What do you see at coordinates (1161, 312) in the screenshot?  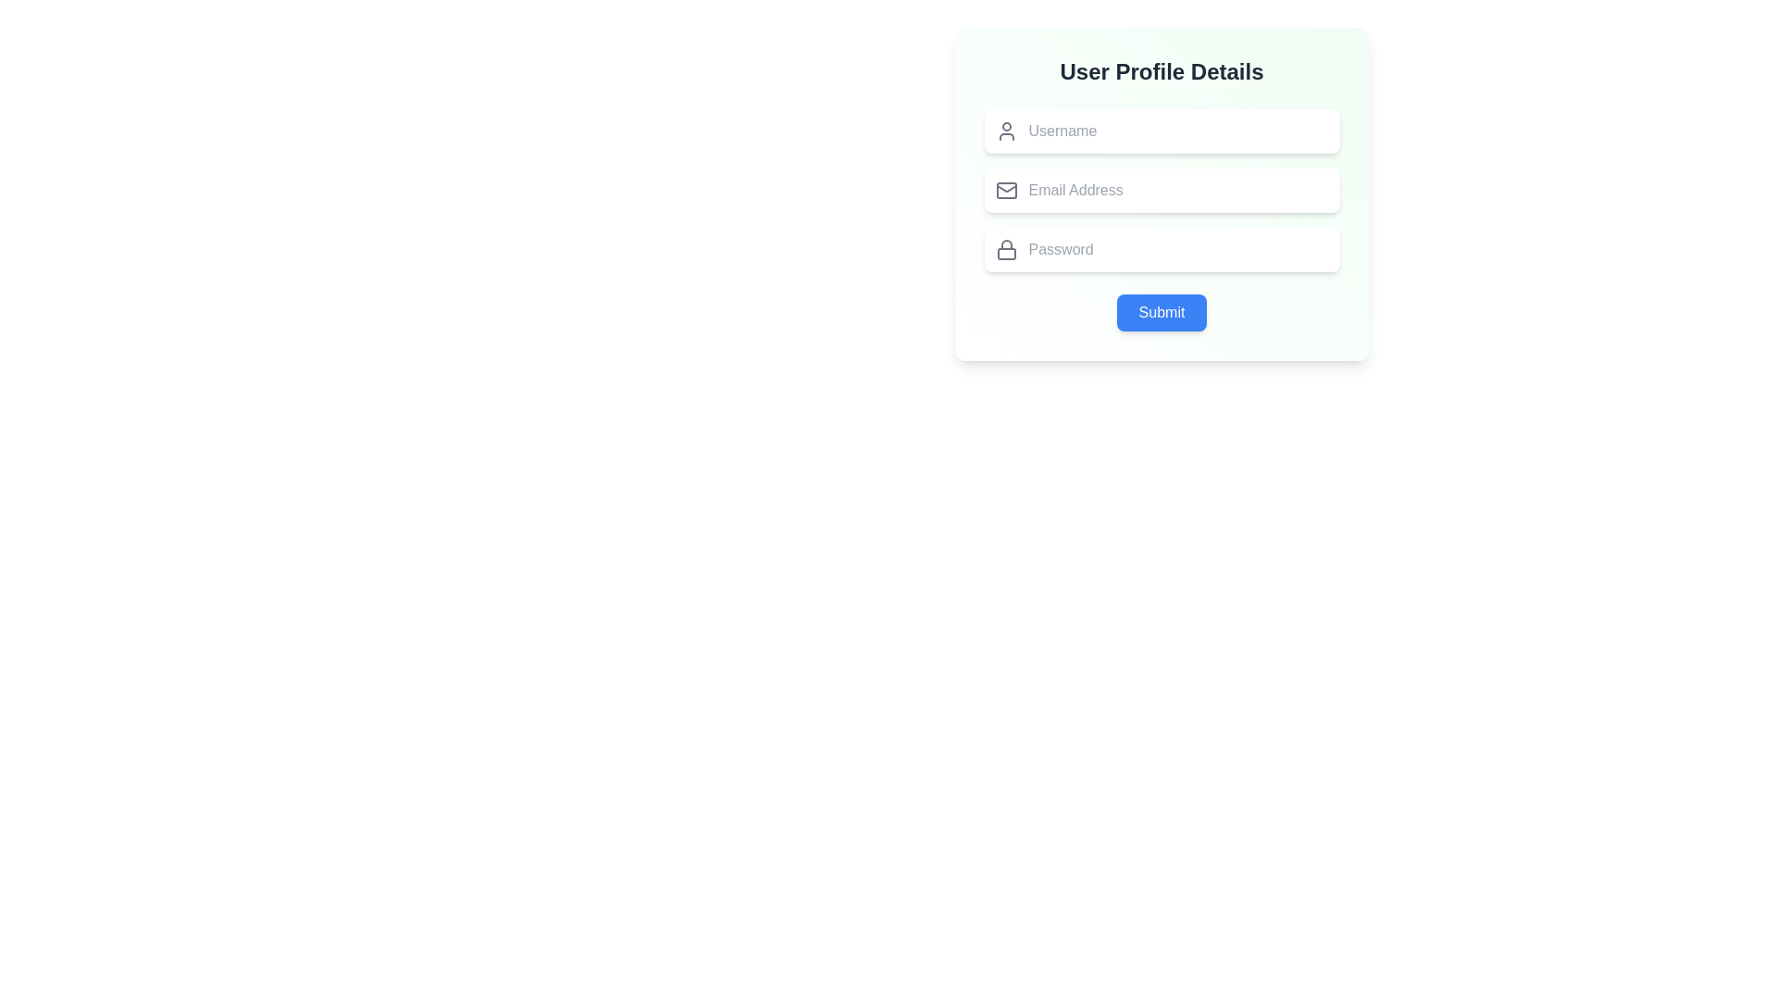 I see `the submit button located at the bottom of the 'User Profile Details' form card` at bounding box center [1161, 312].